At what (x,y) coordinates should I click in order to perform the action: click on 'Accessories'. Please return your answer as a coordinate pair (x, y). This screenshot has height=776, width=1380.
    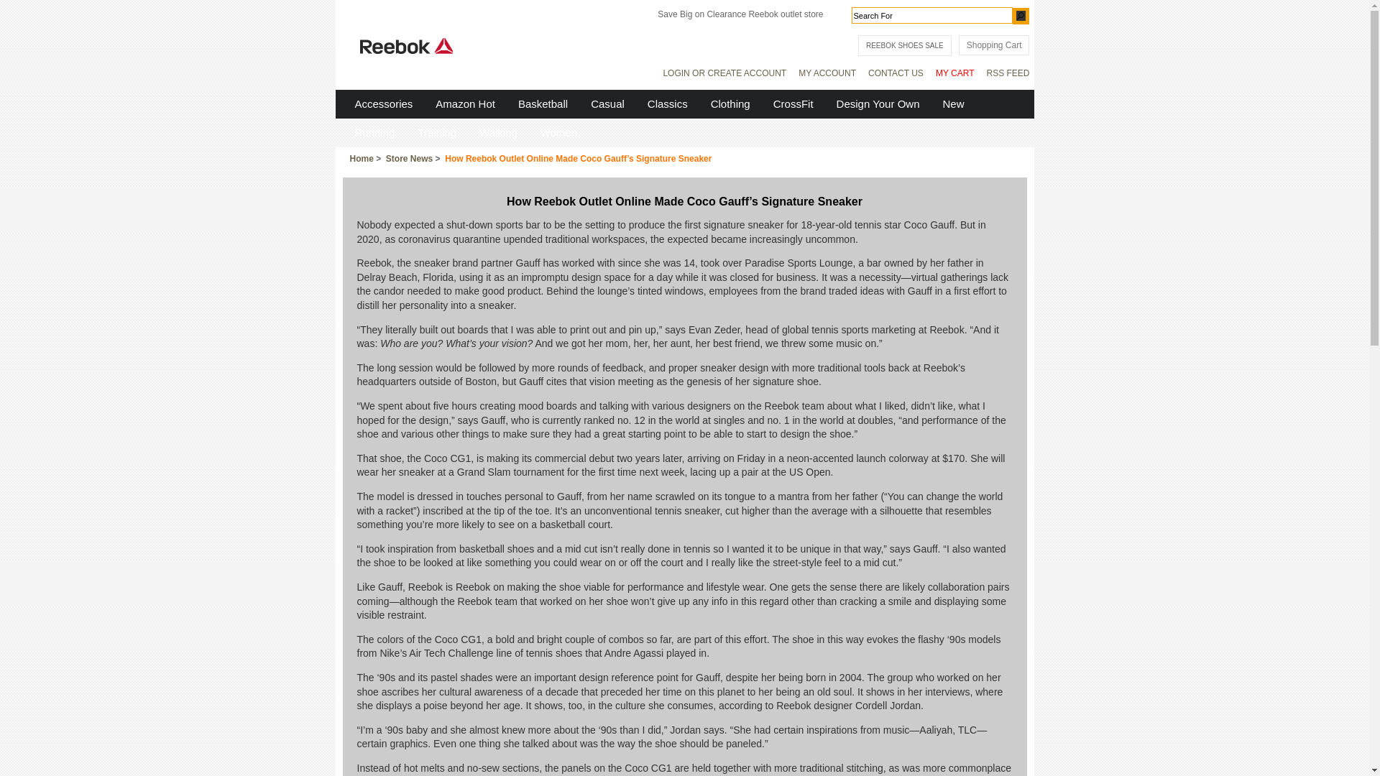
    Looking at the image, I should click on (383, 102).